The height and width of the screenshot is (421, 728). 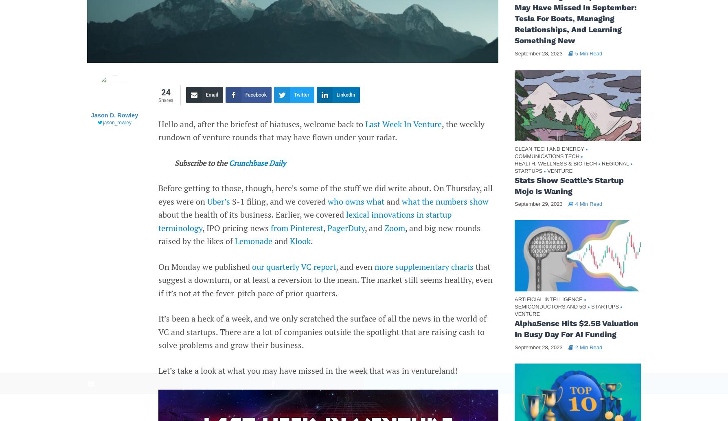 I want to click on '.', so click(x=311, y=240).